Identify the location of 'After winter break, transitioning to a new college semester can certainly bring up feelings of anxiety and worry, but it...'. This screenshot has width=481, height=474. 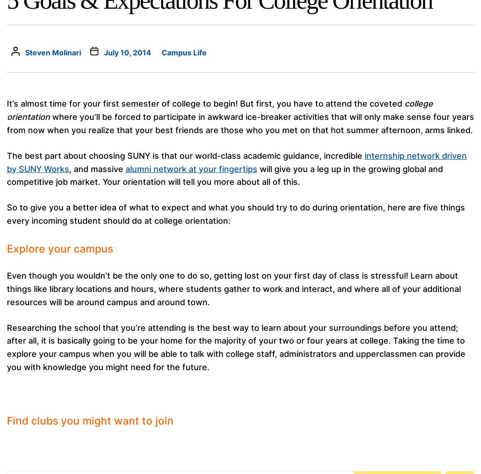
(332, 19).